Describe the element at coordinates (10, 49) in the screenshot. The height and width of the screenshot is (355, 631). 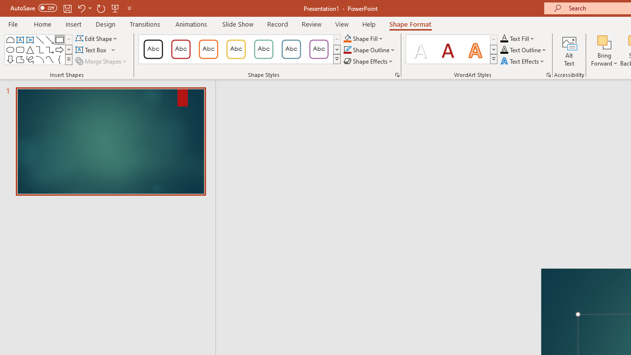
I see `'Oval'` at that location.